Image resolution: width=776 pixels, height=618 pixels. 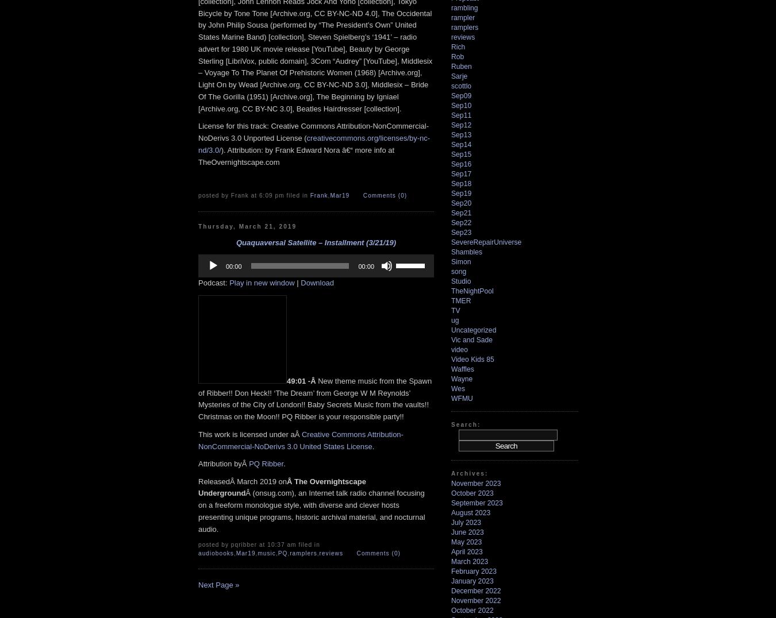 What do you see at coordinates (451, 261) in the screenshot?
I see `'Simon'` at bounding box center [451, 261].